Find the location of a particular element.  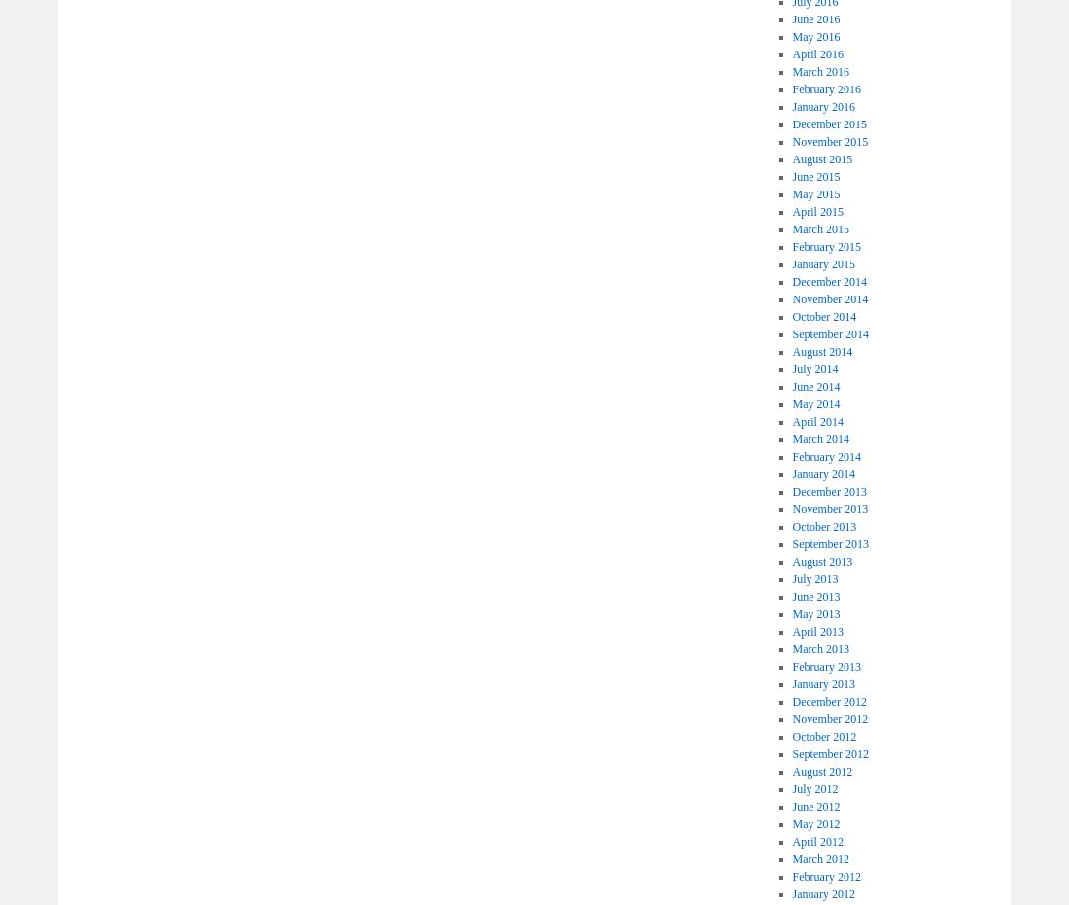

'June 2014' is located at coordinates (791, 387).